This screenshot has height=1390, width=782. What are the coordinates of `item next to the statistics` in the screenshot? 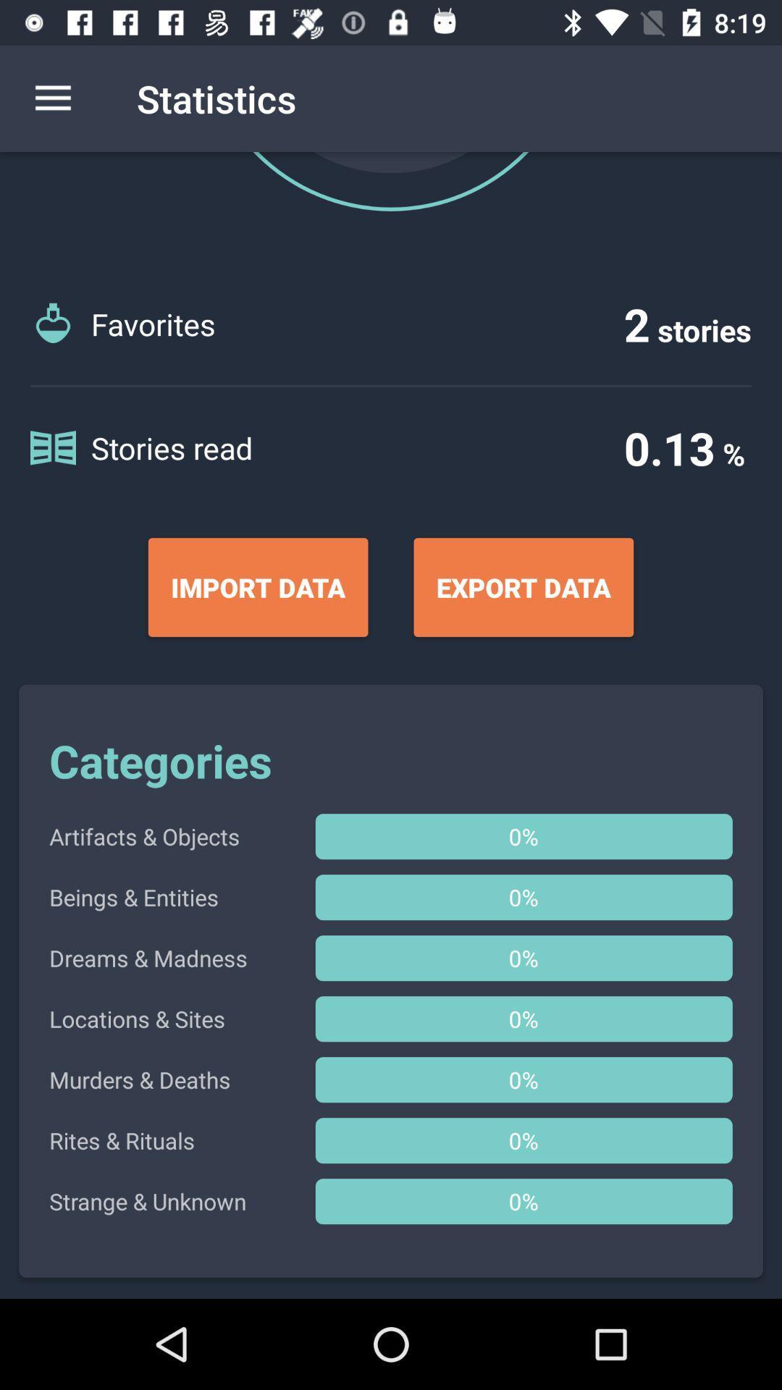 It's located at (52, 98).